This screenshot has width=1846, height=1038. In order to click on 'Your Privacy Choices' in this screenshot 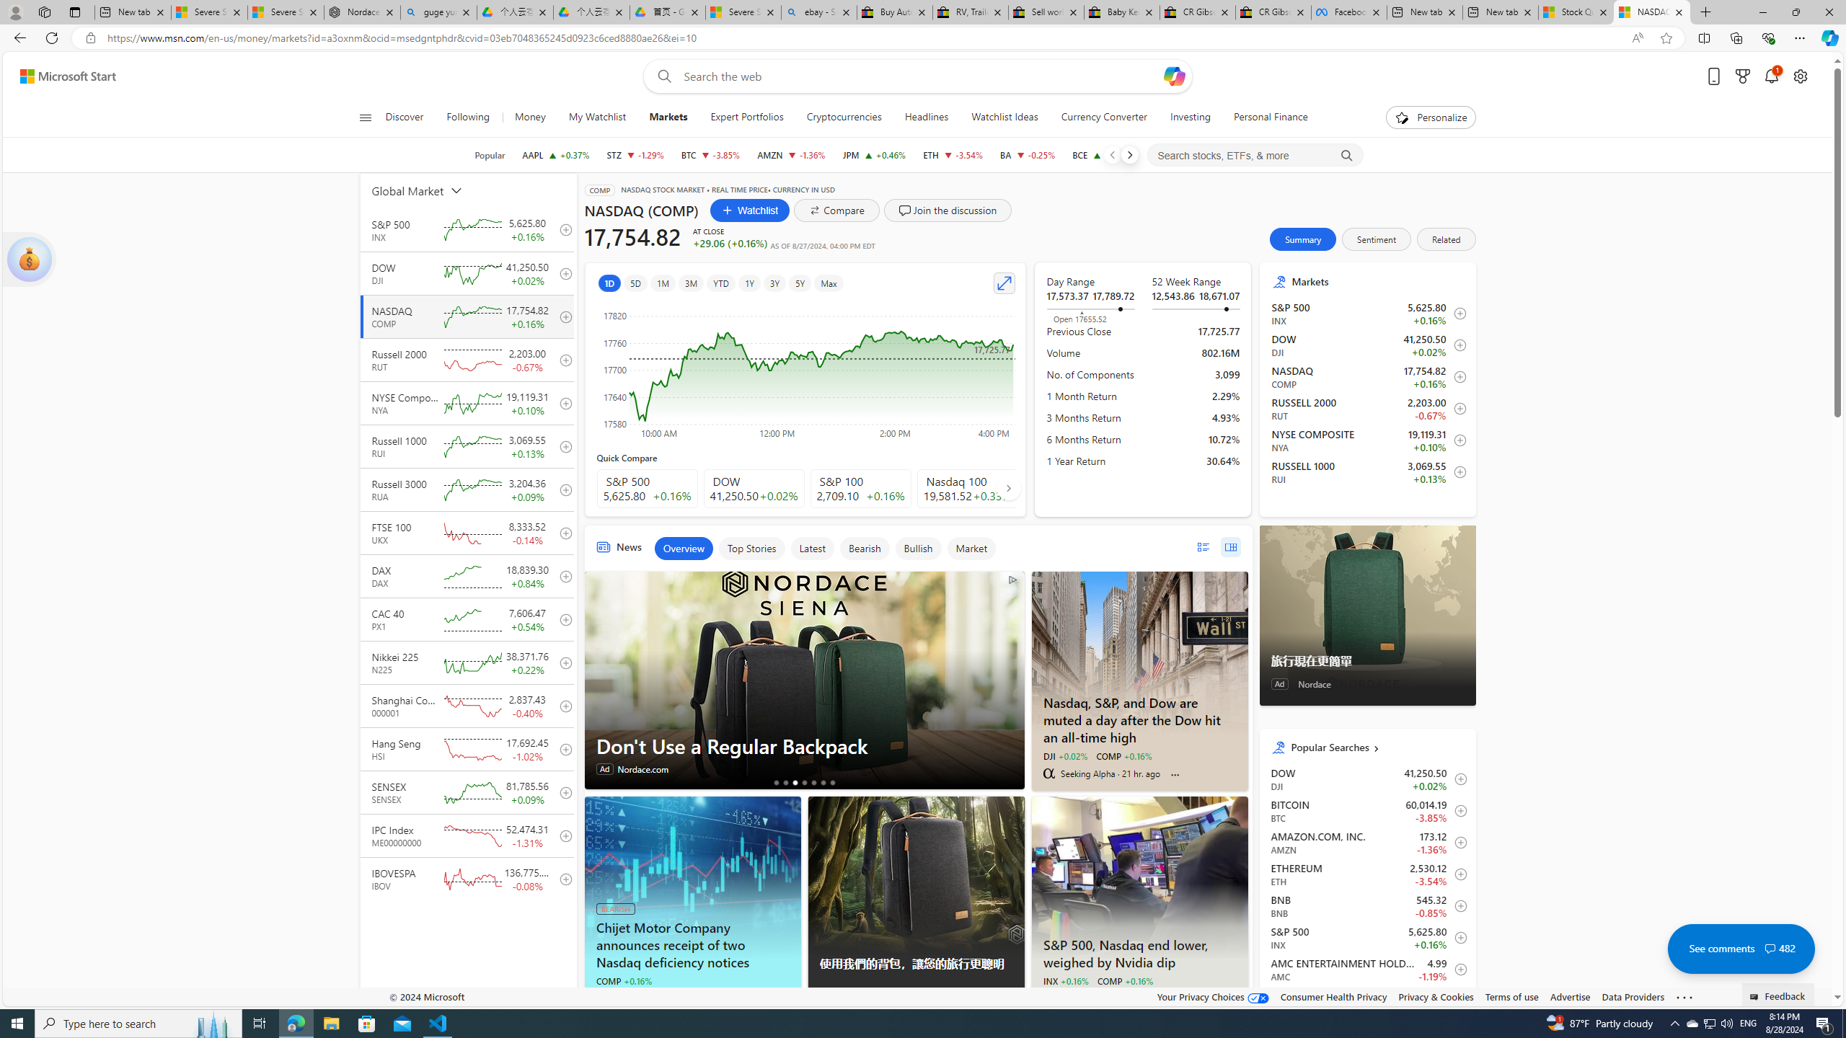, I will do `click(1214, 996)`.